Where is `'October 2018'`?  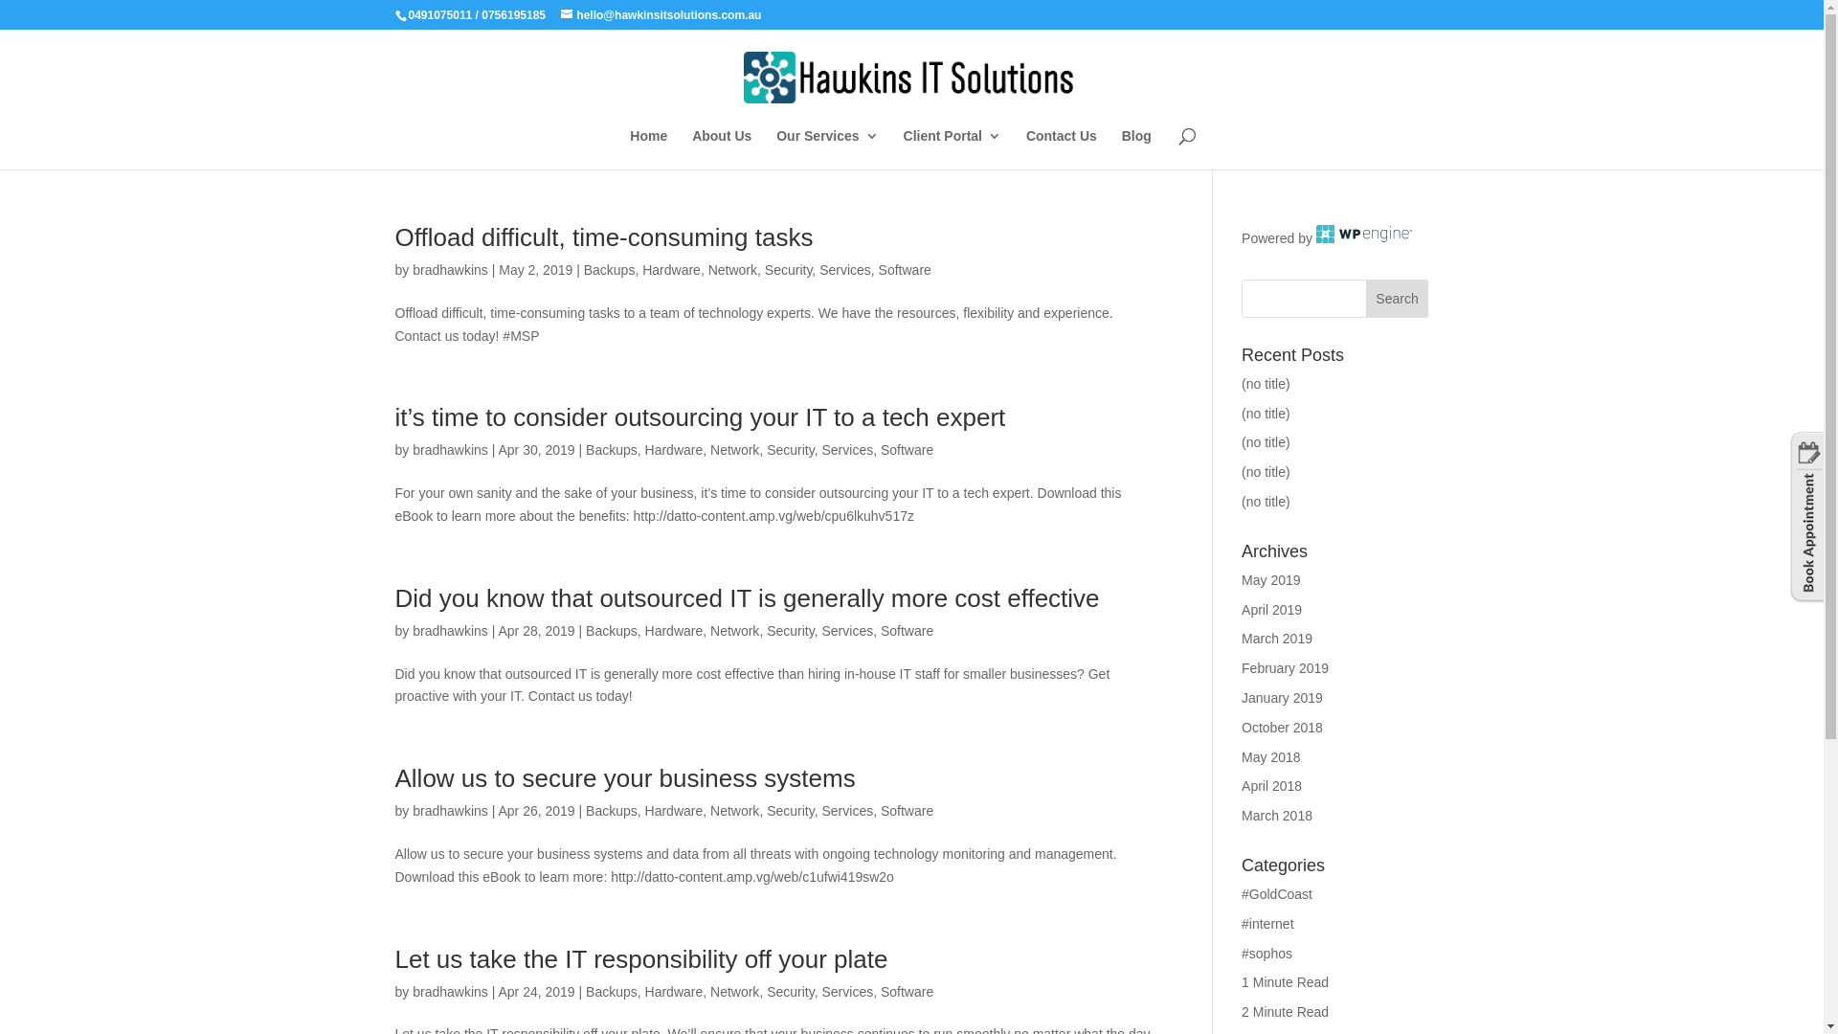
'October 2018' is located at coordinates (1241, 727).